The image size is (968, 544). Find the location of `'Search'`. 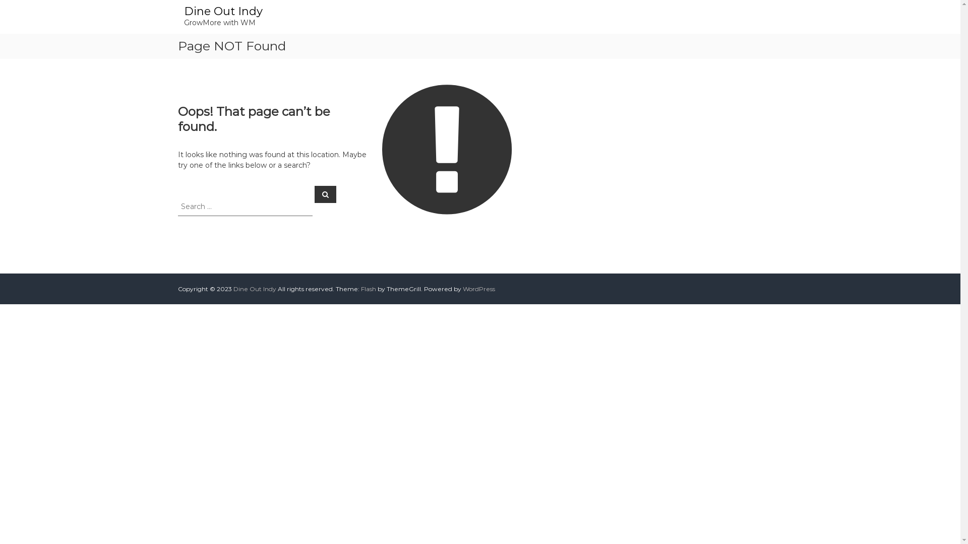

'Search' is located at coordinates (325, 194).